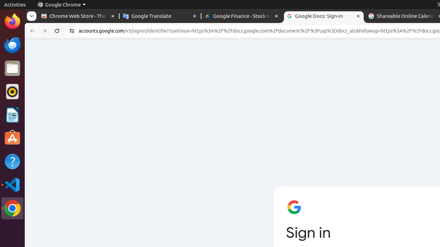  Describe the element at coordinates (323, 16) in the screenshot. I see `'Google Docs: Sign-in'` at that location.